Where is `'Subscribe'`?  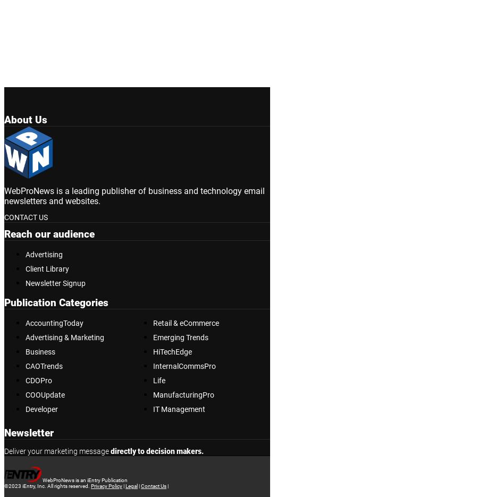
'Subscribe' is located at coordinates (22, 467).